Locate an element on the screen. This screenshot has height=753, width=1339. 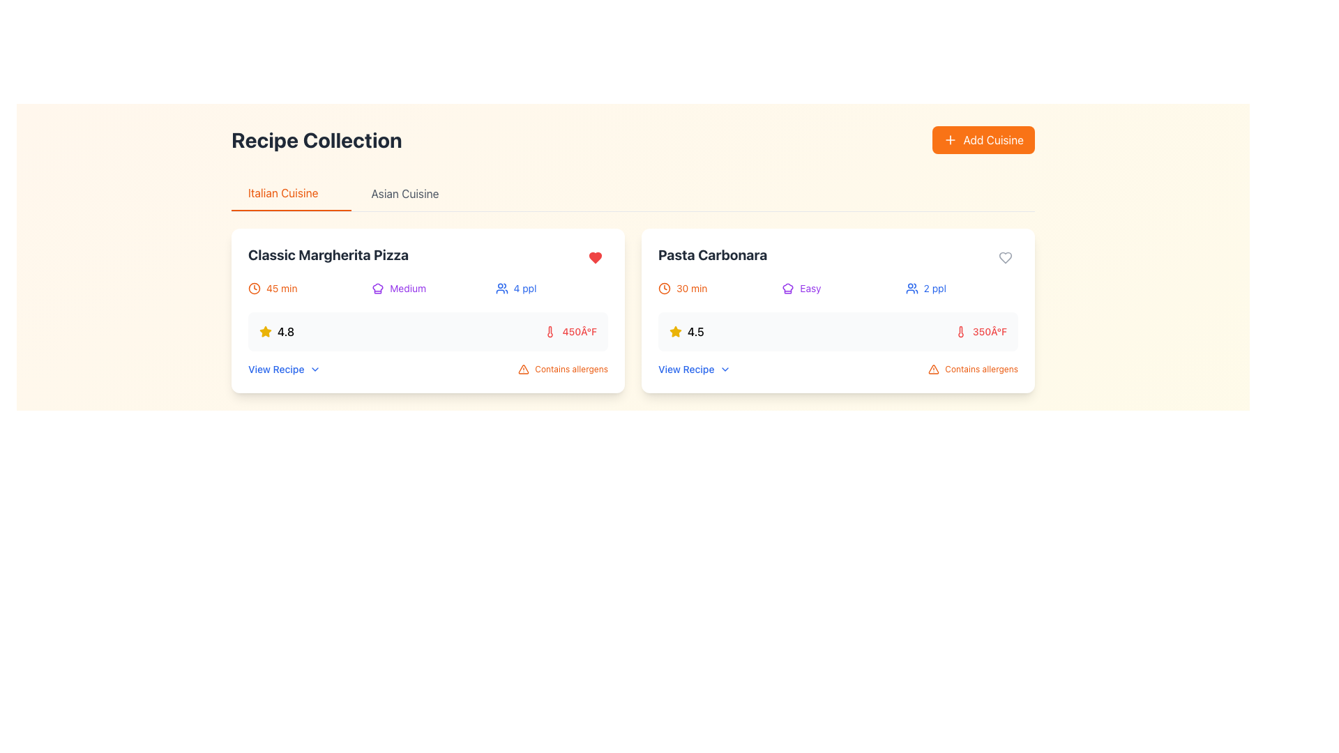
the user icon located in the blue text section displaying '4 ppl' within the recipe card for 'Classic Margherita Pizza', positioned to the right of the 'Medium' indicator is located at coordinates (501, 287).